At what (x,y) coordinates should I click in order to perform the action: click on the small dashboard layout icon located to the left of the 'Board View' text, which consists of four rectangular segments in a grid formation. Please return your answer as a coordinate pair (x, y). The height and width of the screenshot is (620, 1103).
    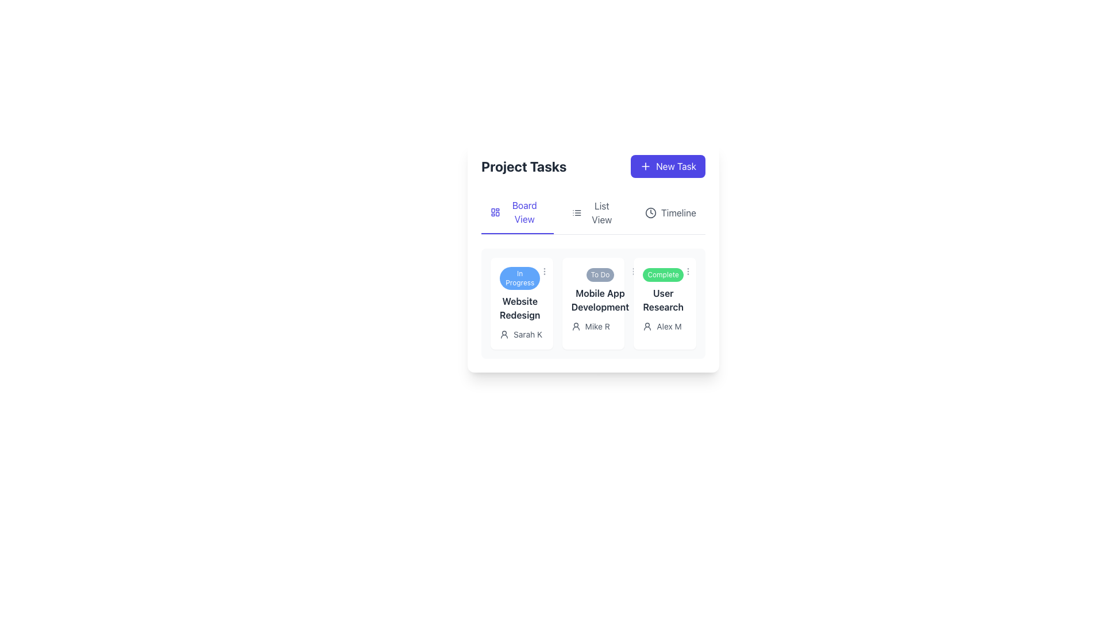
    Looking at the image, I should click on (495, 212).